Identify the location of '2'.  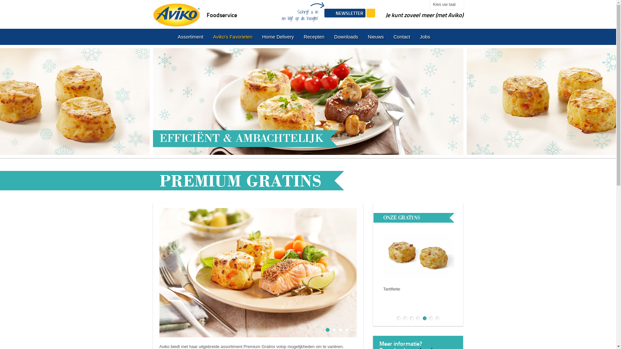
(332, 330).